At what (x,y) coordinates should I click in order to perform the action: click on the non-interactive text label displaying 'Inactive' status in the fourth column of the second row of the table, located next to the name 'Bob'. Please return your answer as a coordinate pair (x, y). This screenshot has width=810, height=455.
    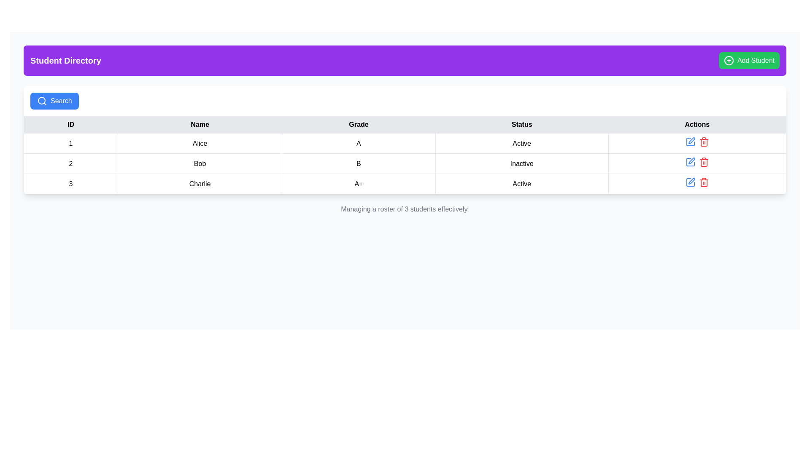
    Looking at the image, I should click on (521, 163).